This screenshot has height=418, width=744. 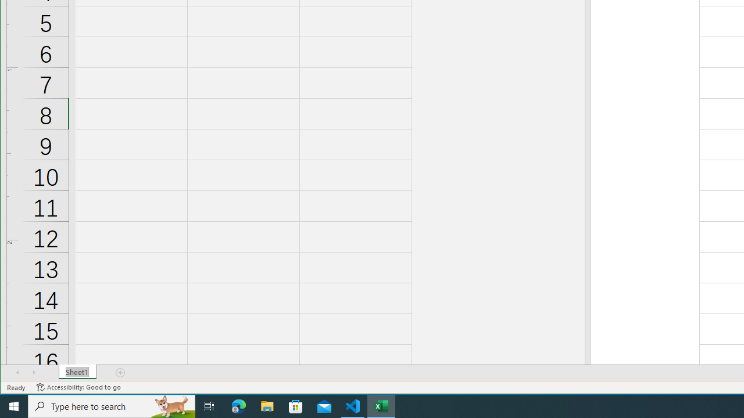 I want to click on 'Search highlights icon opens search home window', so click(x=171, y=405).